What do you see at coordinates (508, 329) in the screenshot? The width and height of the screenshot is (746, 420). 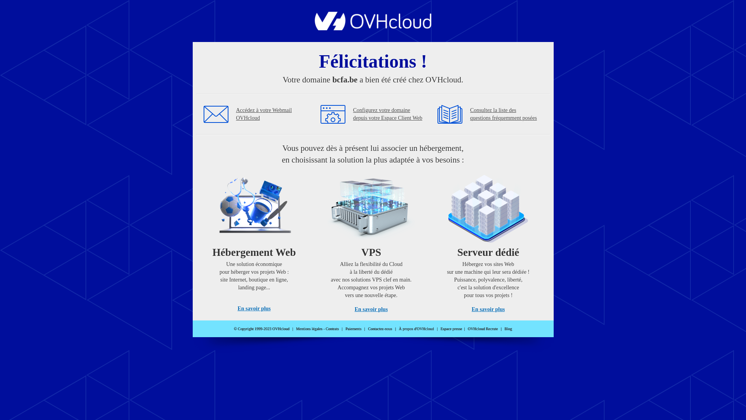 I see `'Blog'` at bounding box center [508, 329].